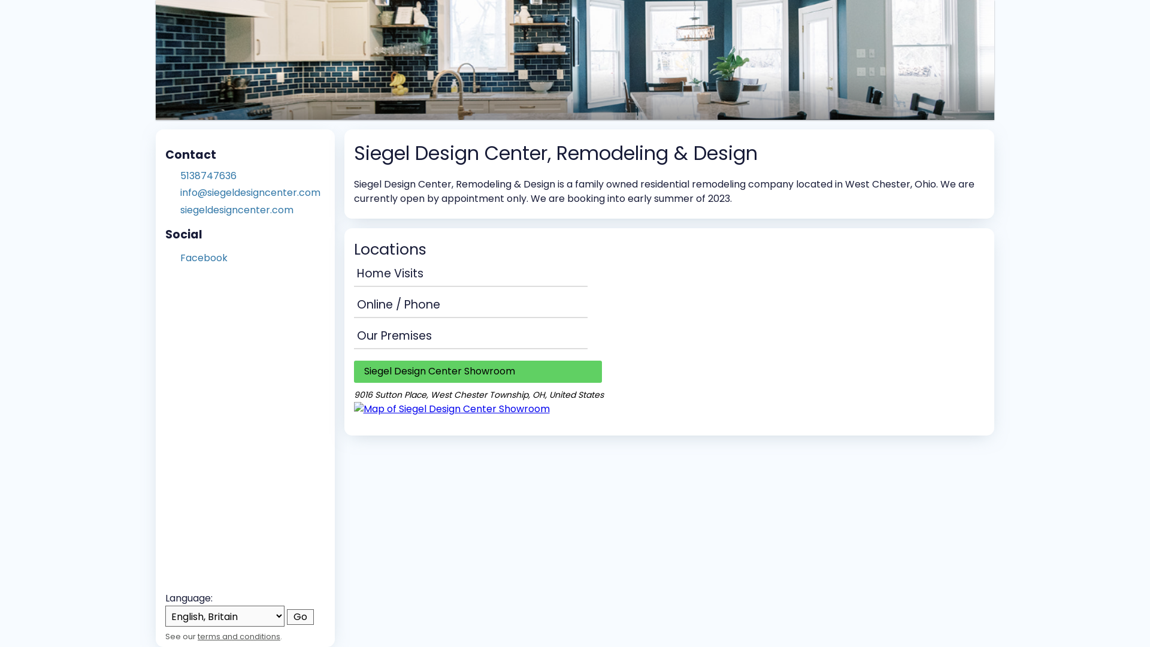 The image size is (1150, 647). I want to click on 'info@siegeldesigncenter.com', so click(180, 192).